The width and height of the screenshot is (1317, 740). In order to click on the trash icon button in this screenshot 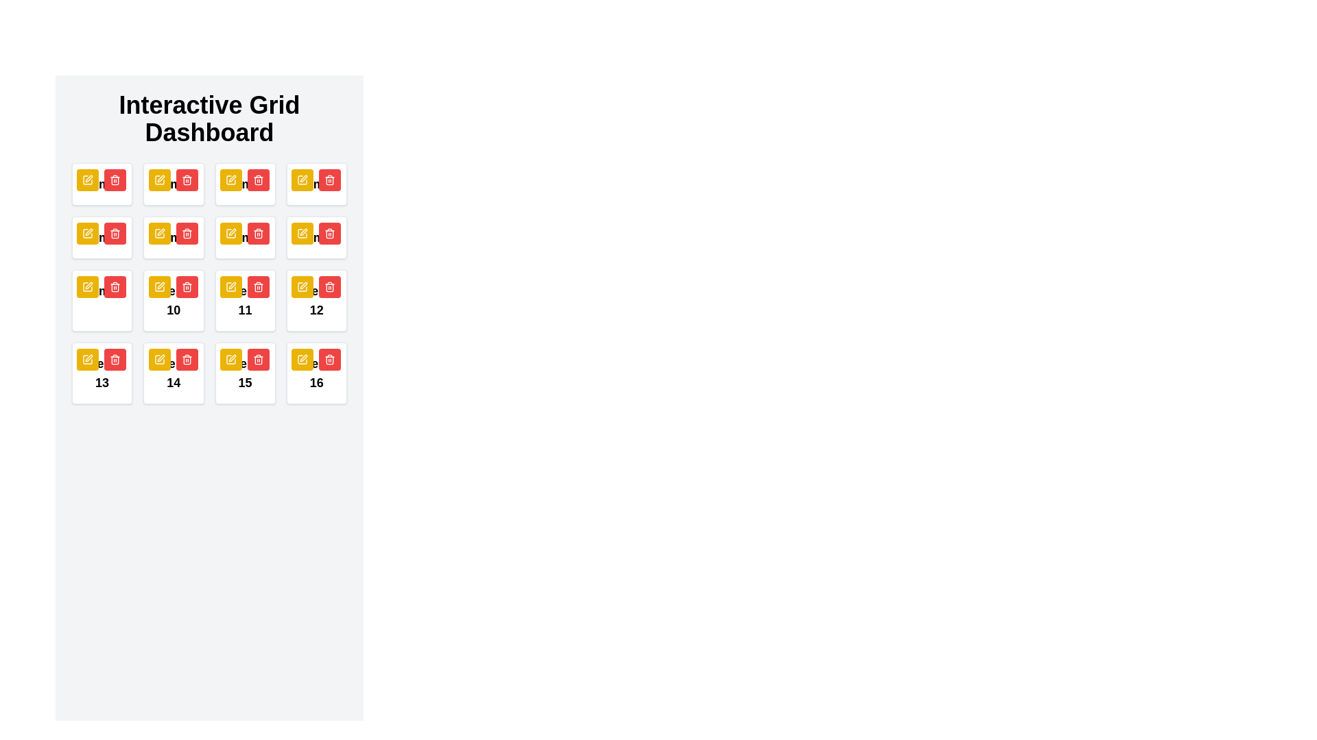, I will do `click(329, 179)`.